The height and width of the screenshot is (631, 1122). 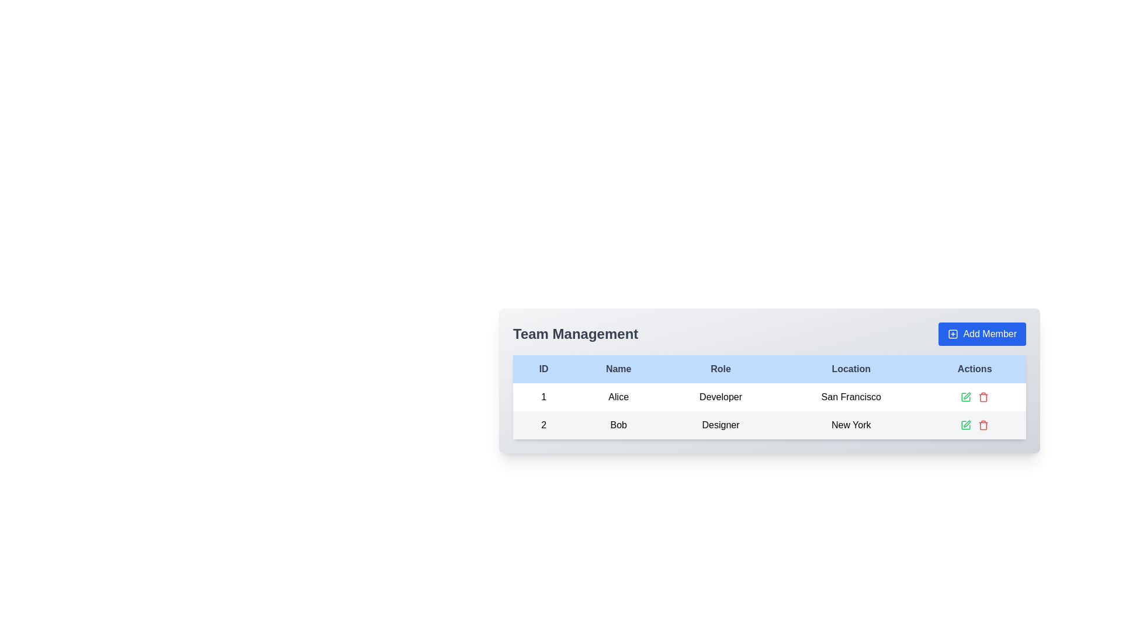 I want to click on the prominently styled static text label that displays 'Team Management' located in the upper-left part of the header section, so click(x=576, y=334).